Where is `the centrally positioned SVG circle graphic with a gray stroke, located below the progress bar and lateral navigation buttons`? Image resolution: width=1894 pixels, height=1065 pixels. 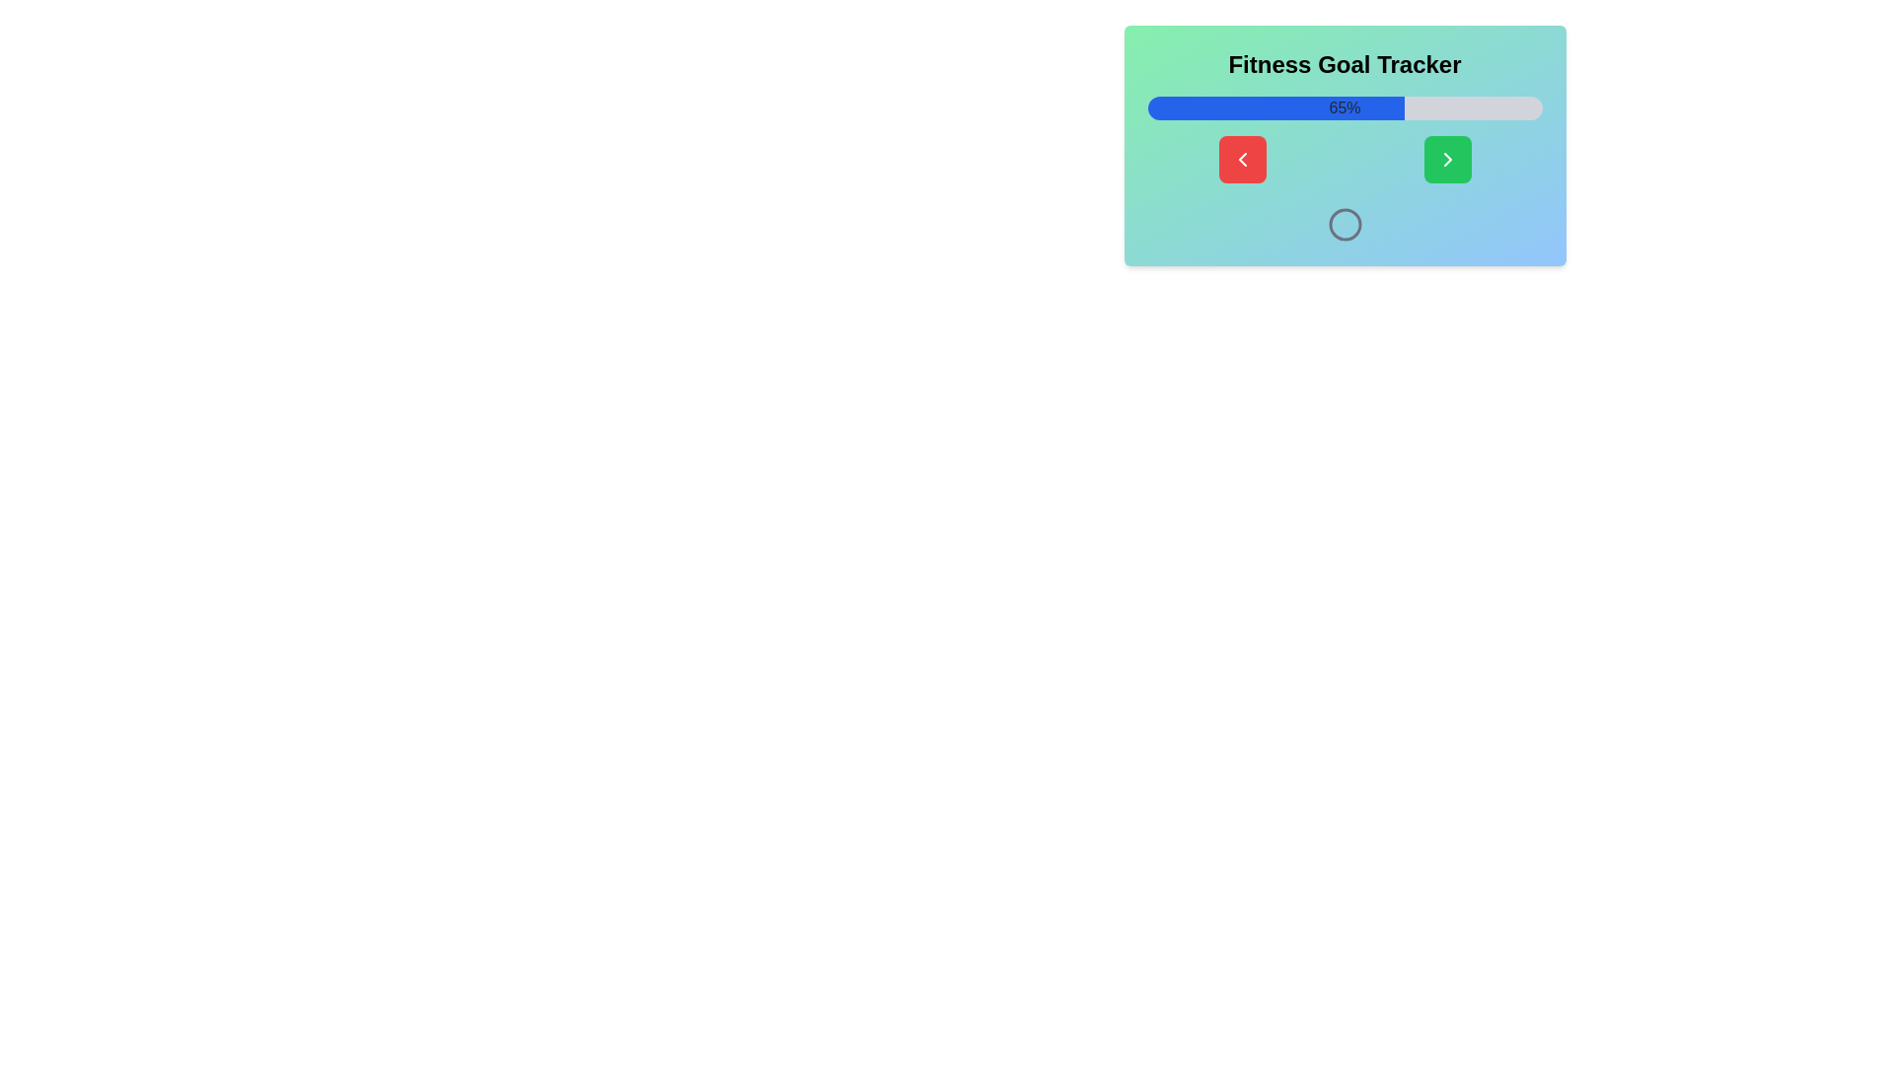
the centrally positioned SVG circle graphic with a gray stroke, located below the progress bar and lateral navigation buttons is located at coordinates (1344, 223).